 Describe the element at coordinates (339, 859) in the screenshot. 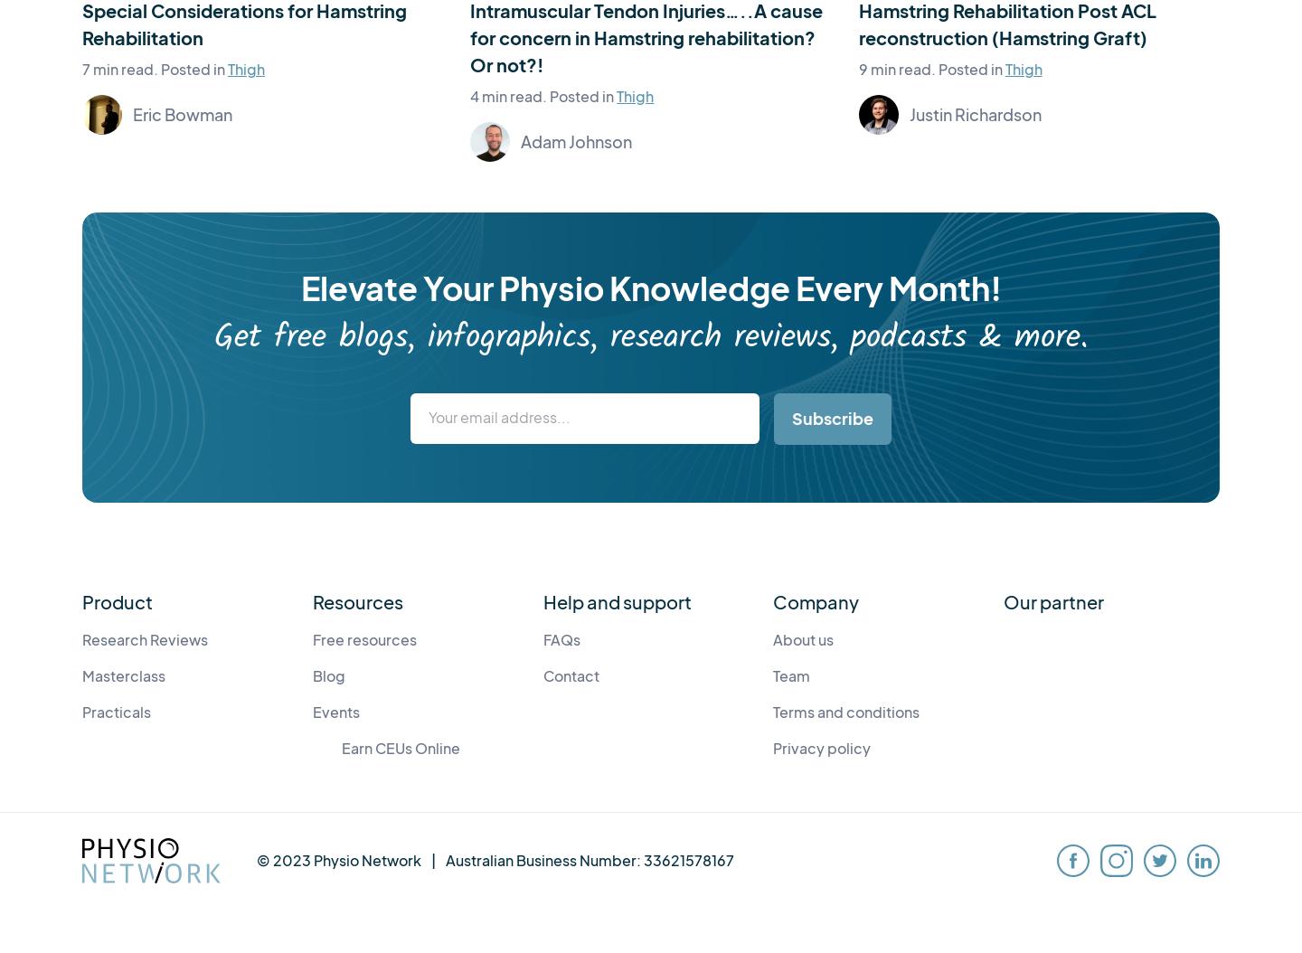

I see `'© 2023 Physio Network'` at that location.